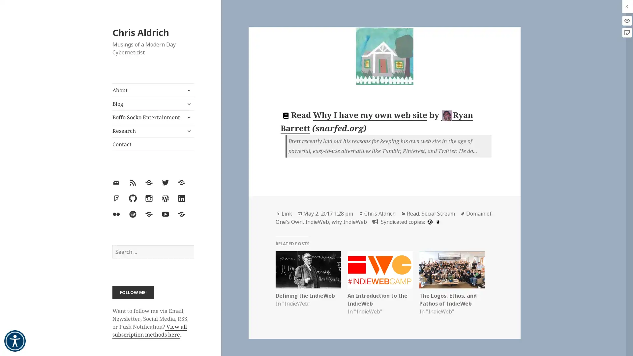 This screenshot has width=633, height=356. I want to click on expand child menu, so click(188, 131).